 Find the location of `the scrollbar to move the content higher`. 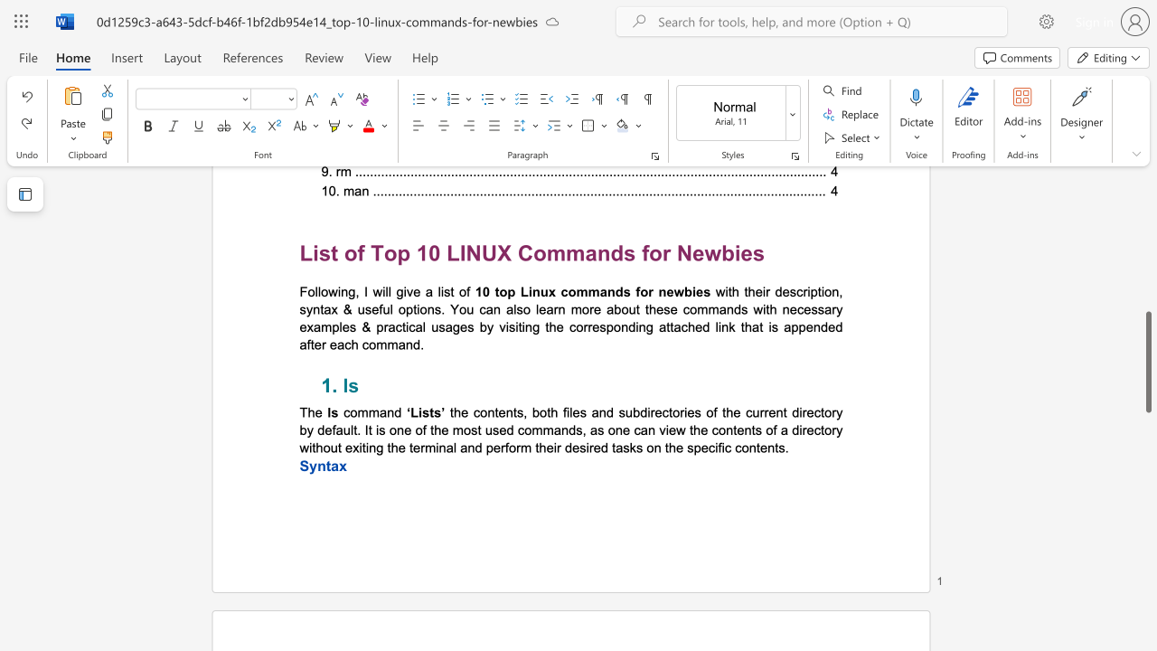

the scrollbar to move the content higher is located at coordinates (1147, 143).